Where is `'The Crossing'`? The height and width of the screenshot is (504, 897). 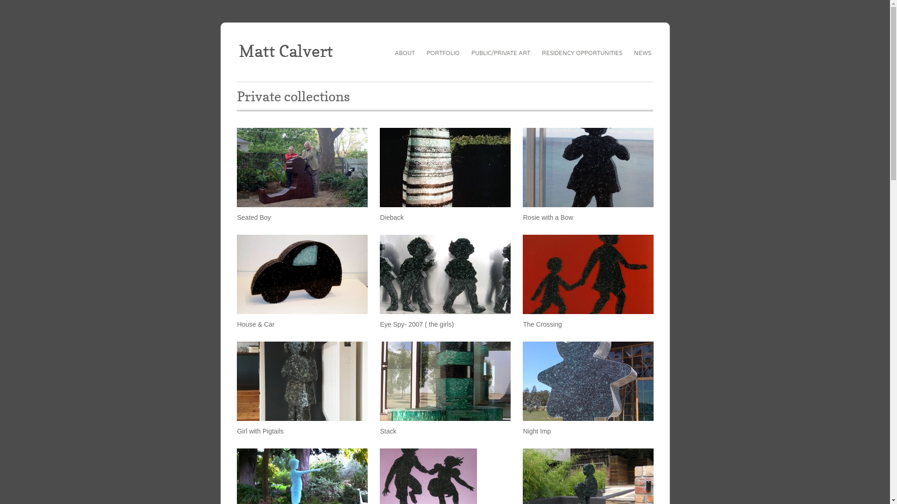 'The Crossing' is located at coordinates (587, 273).